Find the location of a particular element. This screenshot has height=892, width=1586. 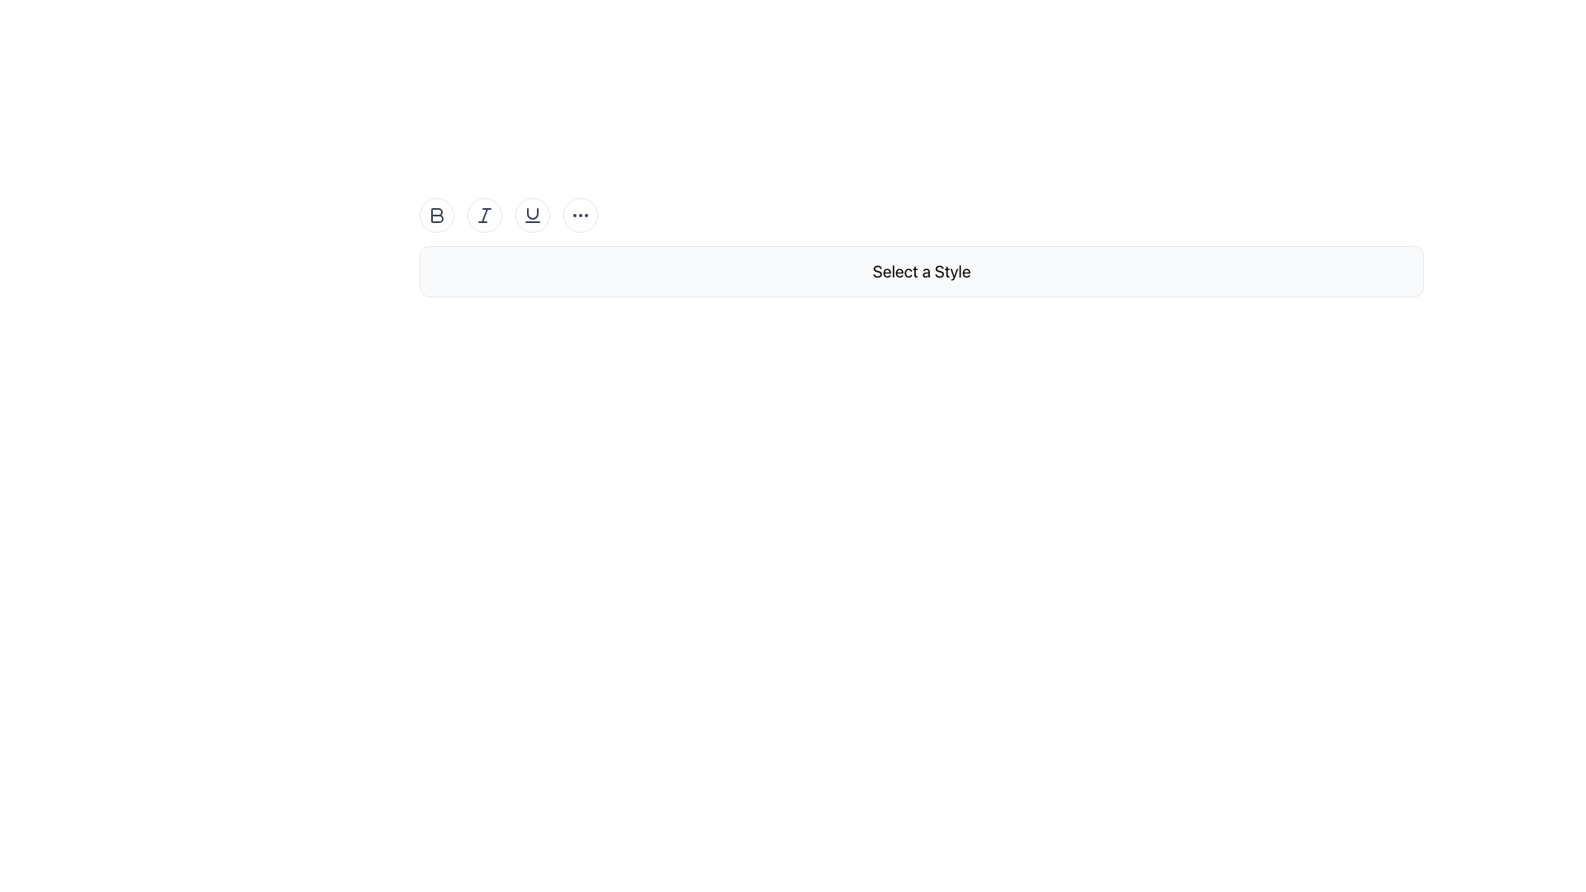

the bold text styling icon represented by a stylized 'B' in the text formatting toolbar is located at coordinates (437, 215).